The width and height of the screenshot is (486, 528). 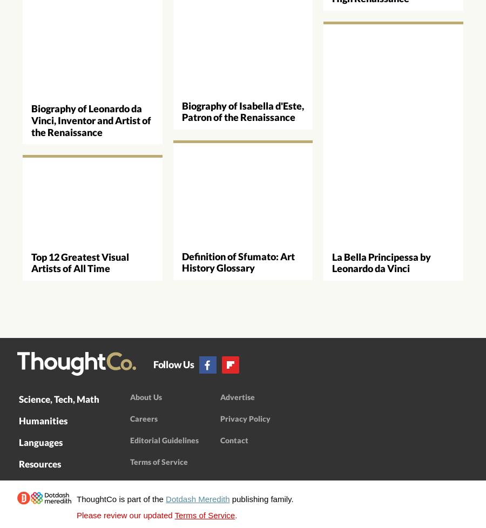 What do you see at coordinates (242, 111) in the screenshot?
I see `'Biography of Isabella d'Este, Patron of the Renaissance'` at bounding box center [242, 111].